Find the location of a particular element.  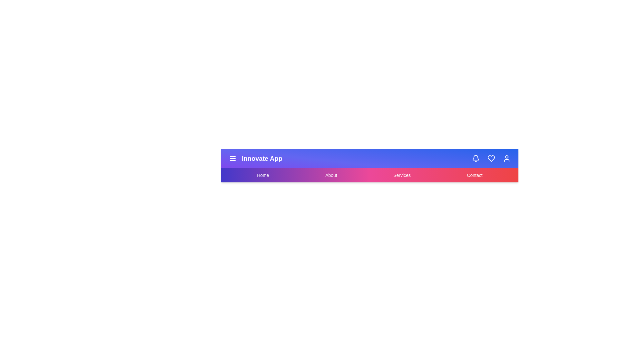

the interactive element Bell Icon is located at coordinates (476, 159).